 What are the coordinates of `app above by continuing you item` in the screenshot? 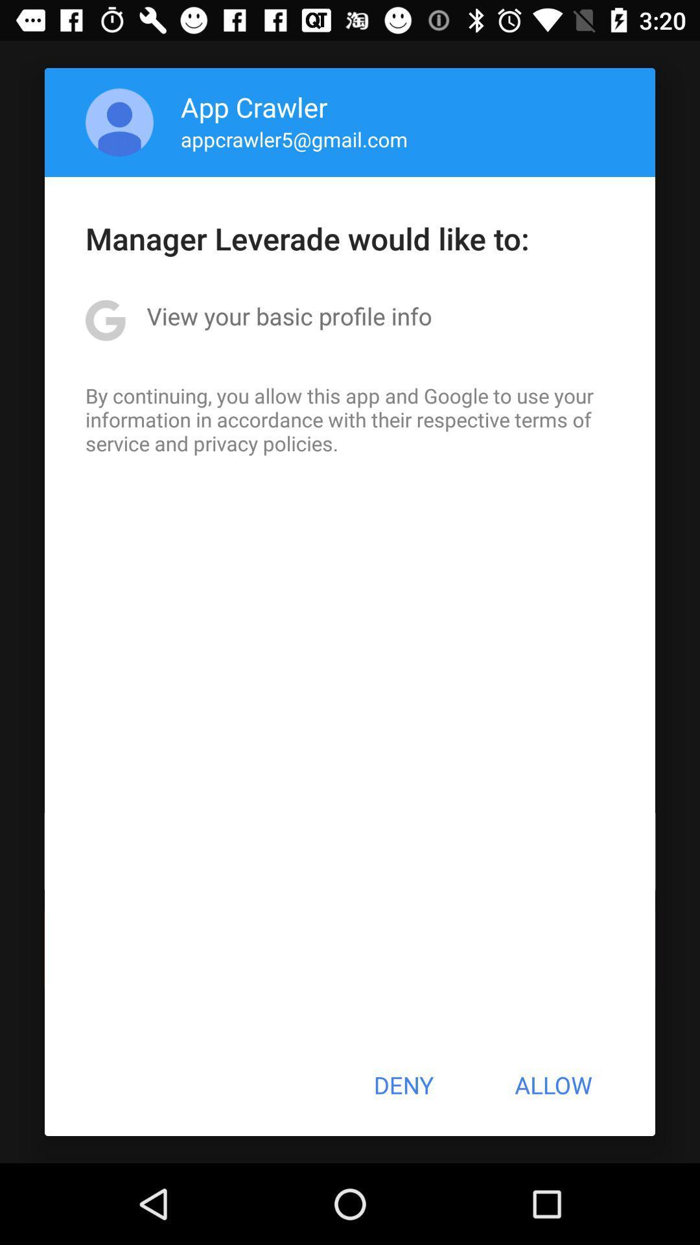 It's located at (288, 316).